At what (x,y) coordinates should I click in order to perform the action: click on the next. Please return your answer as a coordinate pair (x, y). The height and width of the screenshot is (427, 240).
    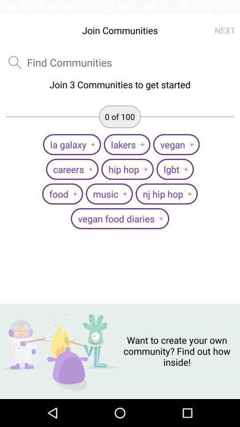
    Looking at the image, I should click on (224, 30).